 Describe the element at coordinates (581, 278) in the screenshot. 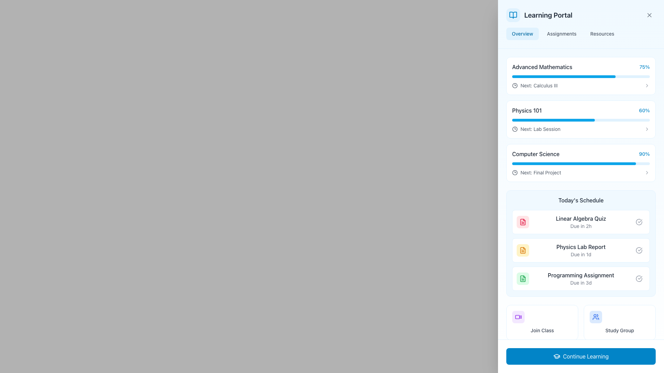

I see `the third assignment reminder card in the 'Today’s Schedule' section, which displays the title and due date of the assignment` at that location.